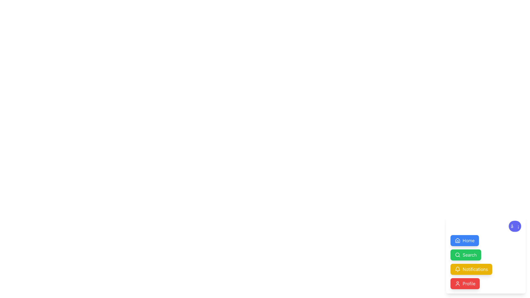  What do you see at coordinates (469, 255) in the screenshot?
I see `the 'Search' button, which is styled with a green background and white text, located in the bottom-right corner of the interface as the second button in the stack` at bounding box center [469, 255].